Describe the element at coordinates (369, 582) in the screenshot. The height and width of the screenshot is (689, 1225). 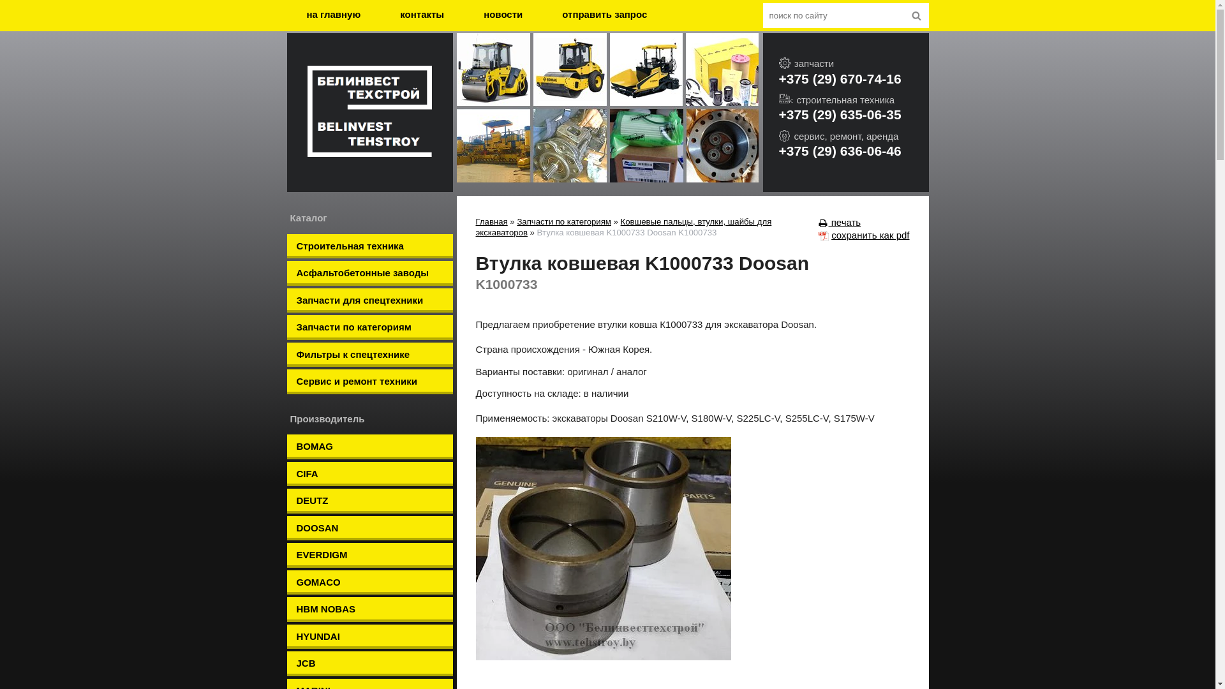
I see `'GOMACO'` at that location.